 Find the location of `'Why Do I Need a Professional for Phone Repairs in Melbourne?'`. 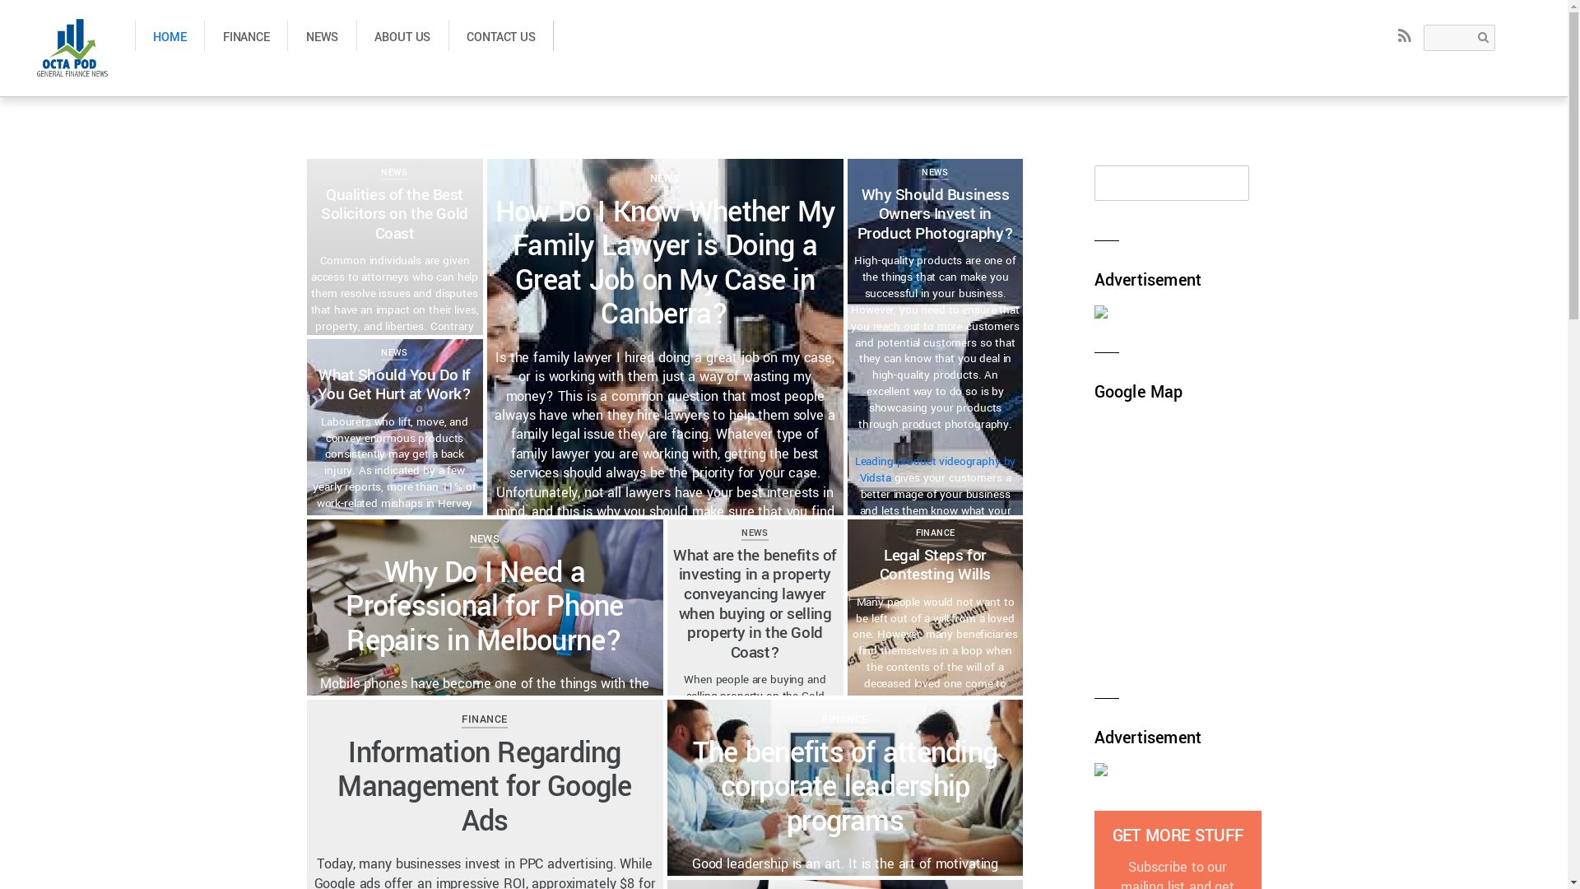

'Why Do I Need a Professional for Phone Repairs in Melbourne?' is located at coordinates (483, 607).